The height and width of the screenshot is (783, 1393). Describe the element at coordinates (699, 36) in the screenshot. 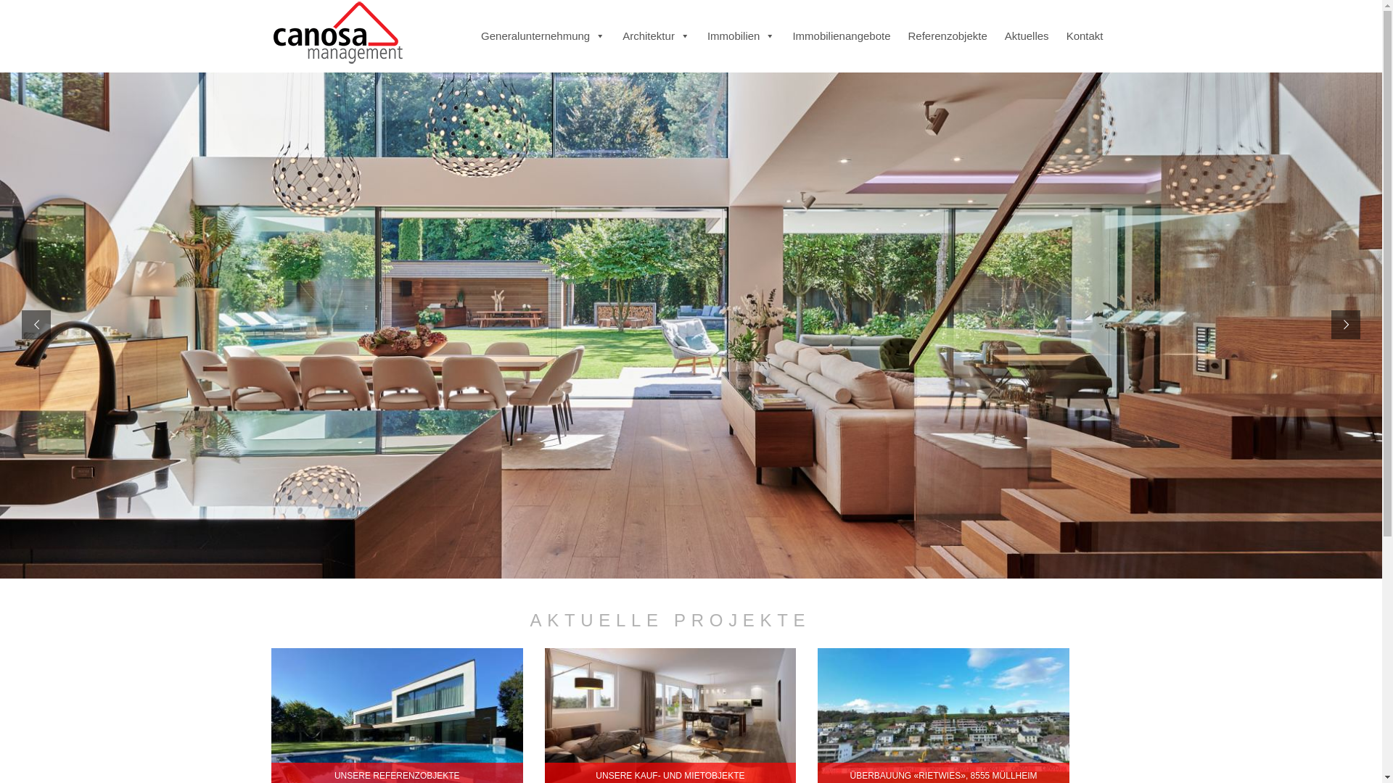

I see `'Immobilien'` at that location.